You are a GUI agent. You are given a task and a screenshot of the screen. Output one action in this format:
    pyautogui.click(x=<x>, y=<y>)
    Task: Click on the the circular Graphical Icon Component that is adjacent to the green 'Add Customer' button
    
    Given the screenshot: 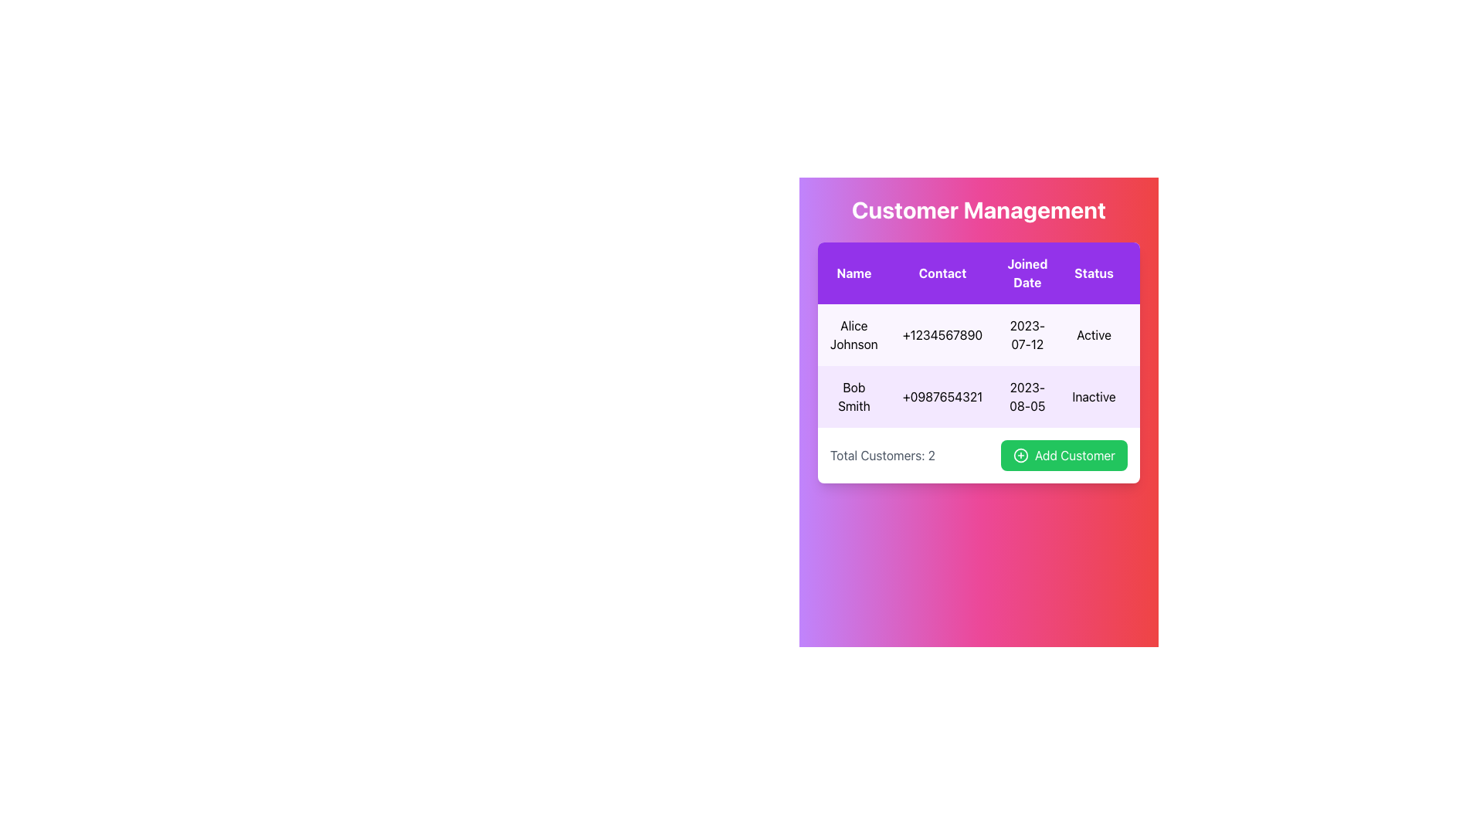 What is the action you would take?
    pyautogui.click(x=1020, y=455)
    